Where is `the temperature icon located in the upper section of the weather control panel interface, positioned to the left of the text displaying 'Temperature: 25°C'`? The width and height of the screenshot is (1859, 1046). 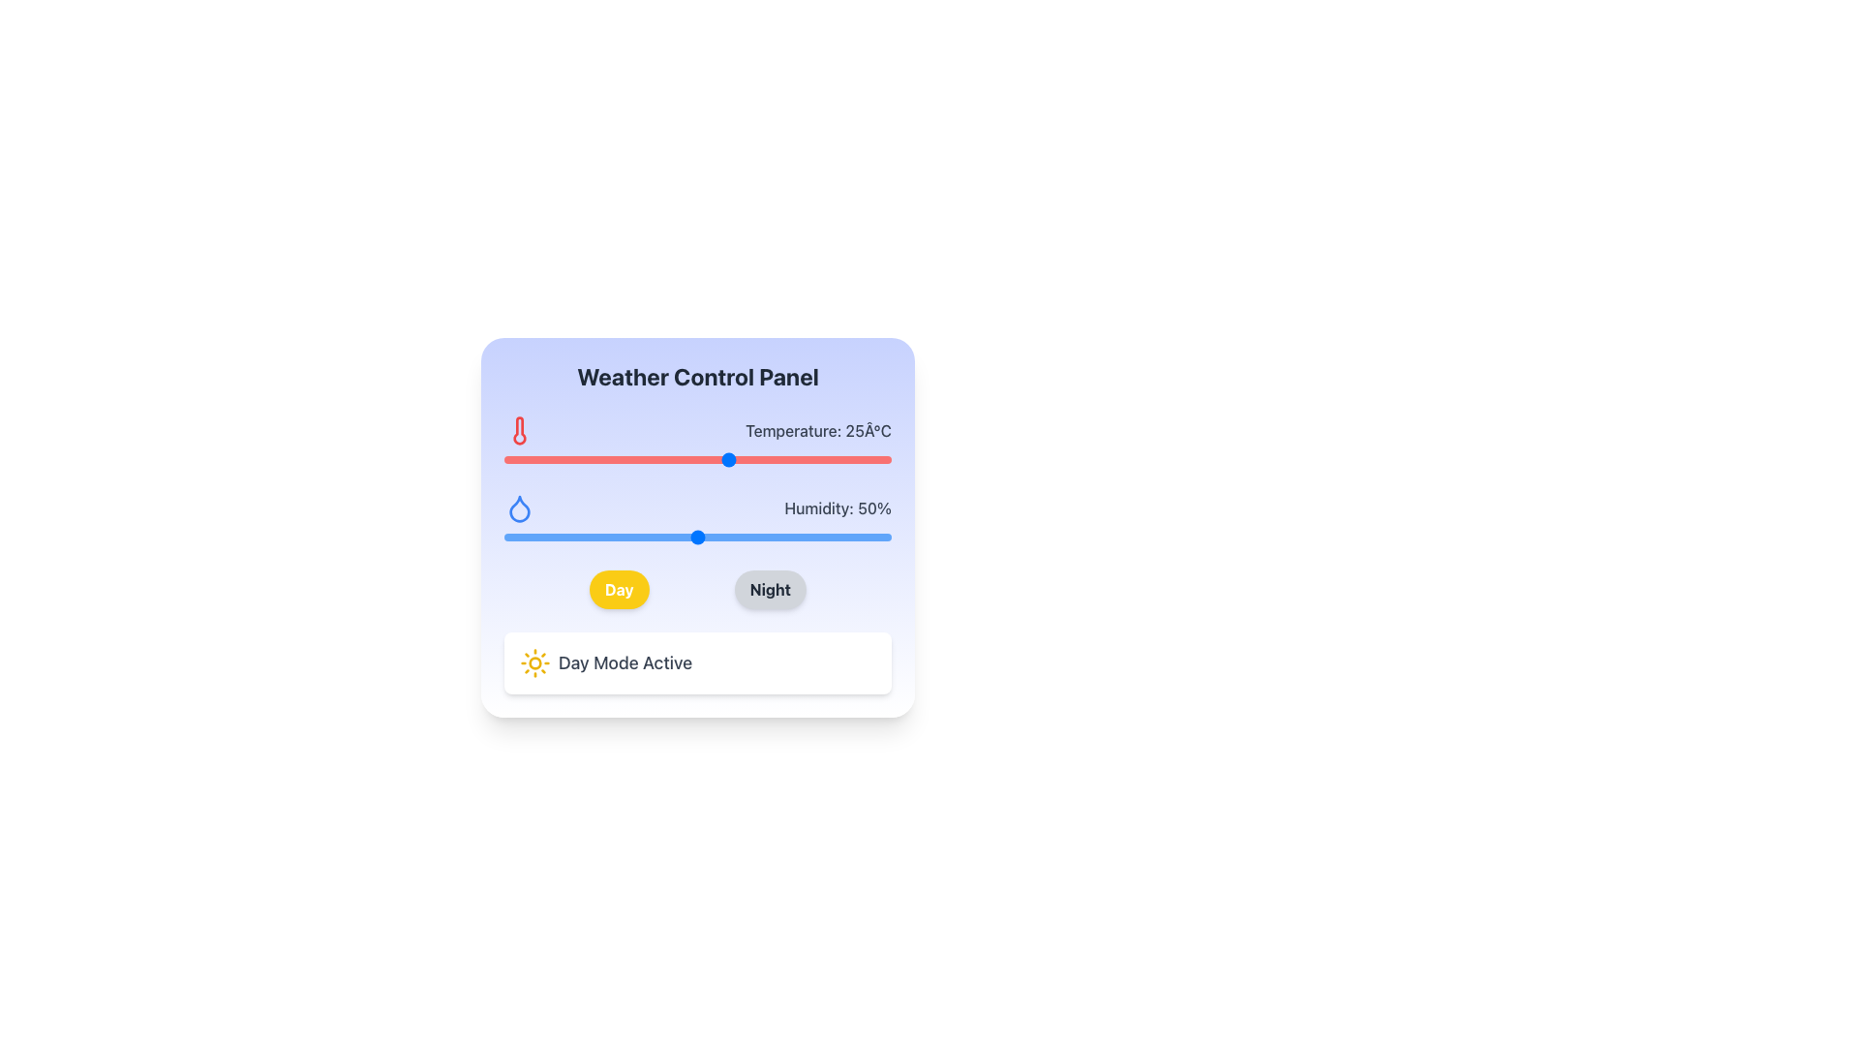 the temperature icon located in the upper section of the weather control panel interface, positioned to the left of the text displaying 'Temperature: 25°C' is located at coordinates (520, 429).